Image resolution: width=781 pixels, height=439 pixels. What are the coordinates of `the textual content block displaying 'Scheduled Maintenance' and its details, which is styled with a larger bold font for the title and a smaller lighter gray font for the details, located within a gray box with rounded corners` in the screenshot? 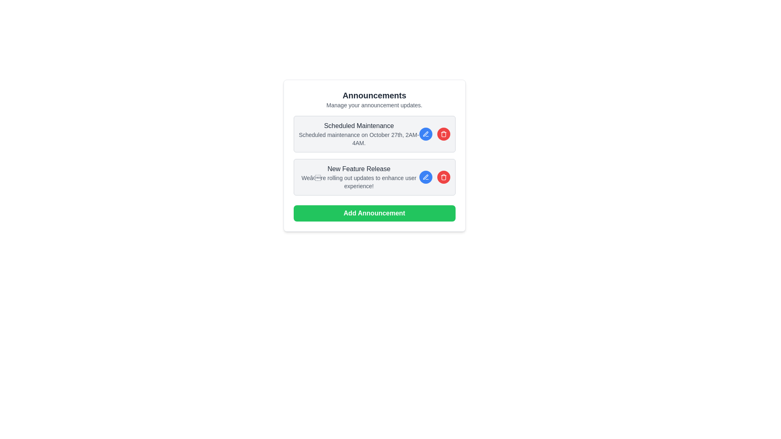 It's located at (358, 134).